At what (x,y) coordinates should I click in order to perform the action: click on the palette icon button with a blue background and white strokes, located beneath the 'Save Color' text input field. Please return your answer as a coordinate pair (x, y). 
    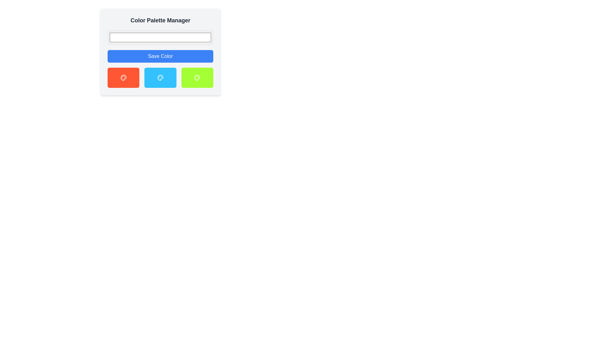
    Looking at the image, I should click on (160, 77).